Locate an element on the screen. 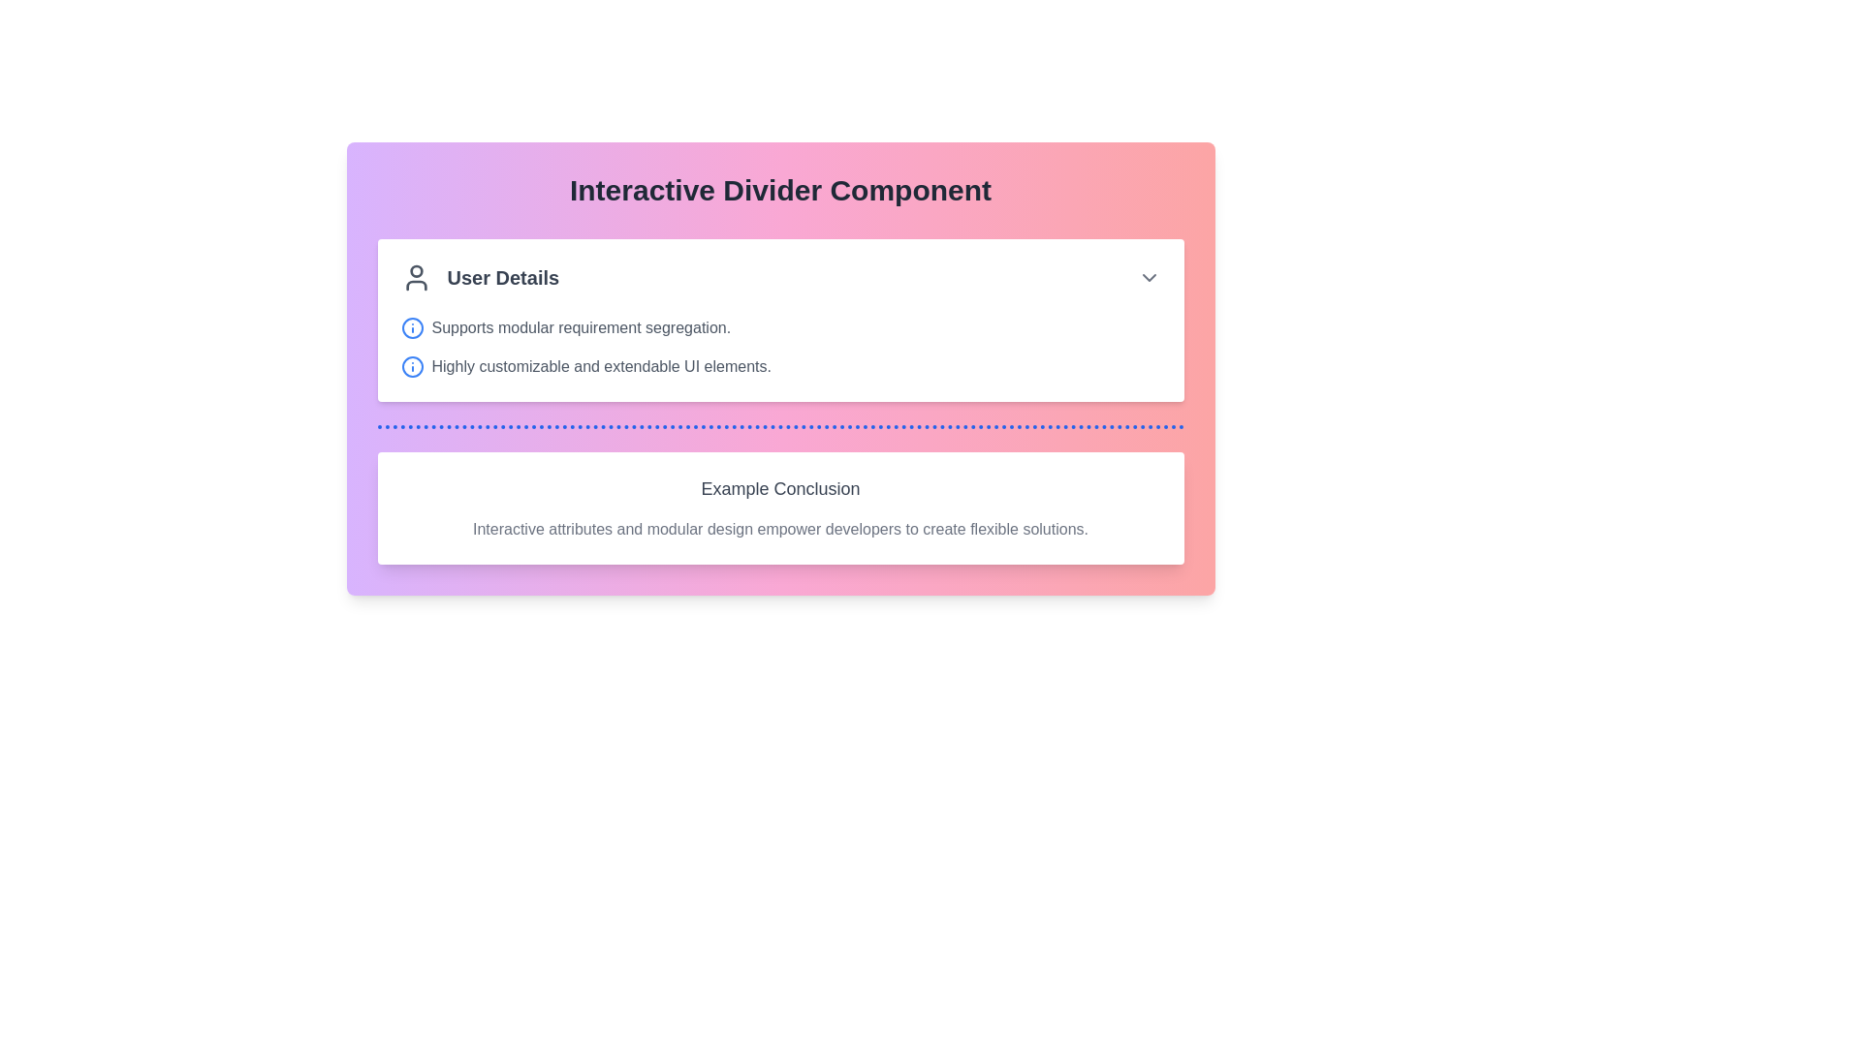 The height and width of the screenshot is (1046, 1861). the static text block that states 'Interactive attributes and modular design empower developers to create flexible solutions.', located below the heading 'Example Conclusion' is located at coordinates (780, 530).